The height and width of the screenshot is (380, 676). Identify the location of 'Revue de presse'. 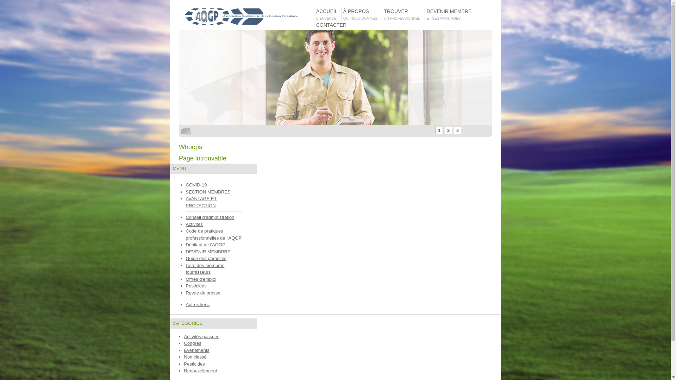
(202, 293).